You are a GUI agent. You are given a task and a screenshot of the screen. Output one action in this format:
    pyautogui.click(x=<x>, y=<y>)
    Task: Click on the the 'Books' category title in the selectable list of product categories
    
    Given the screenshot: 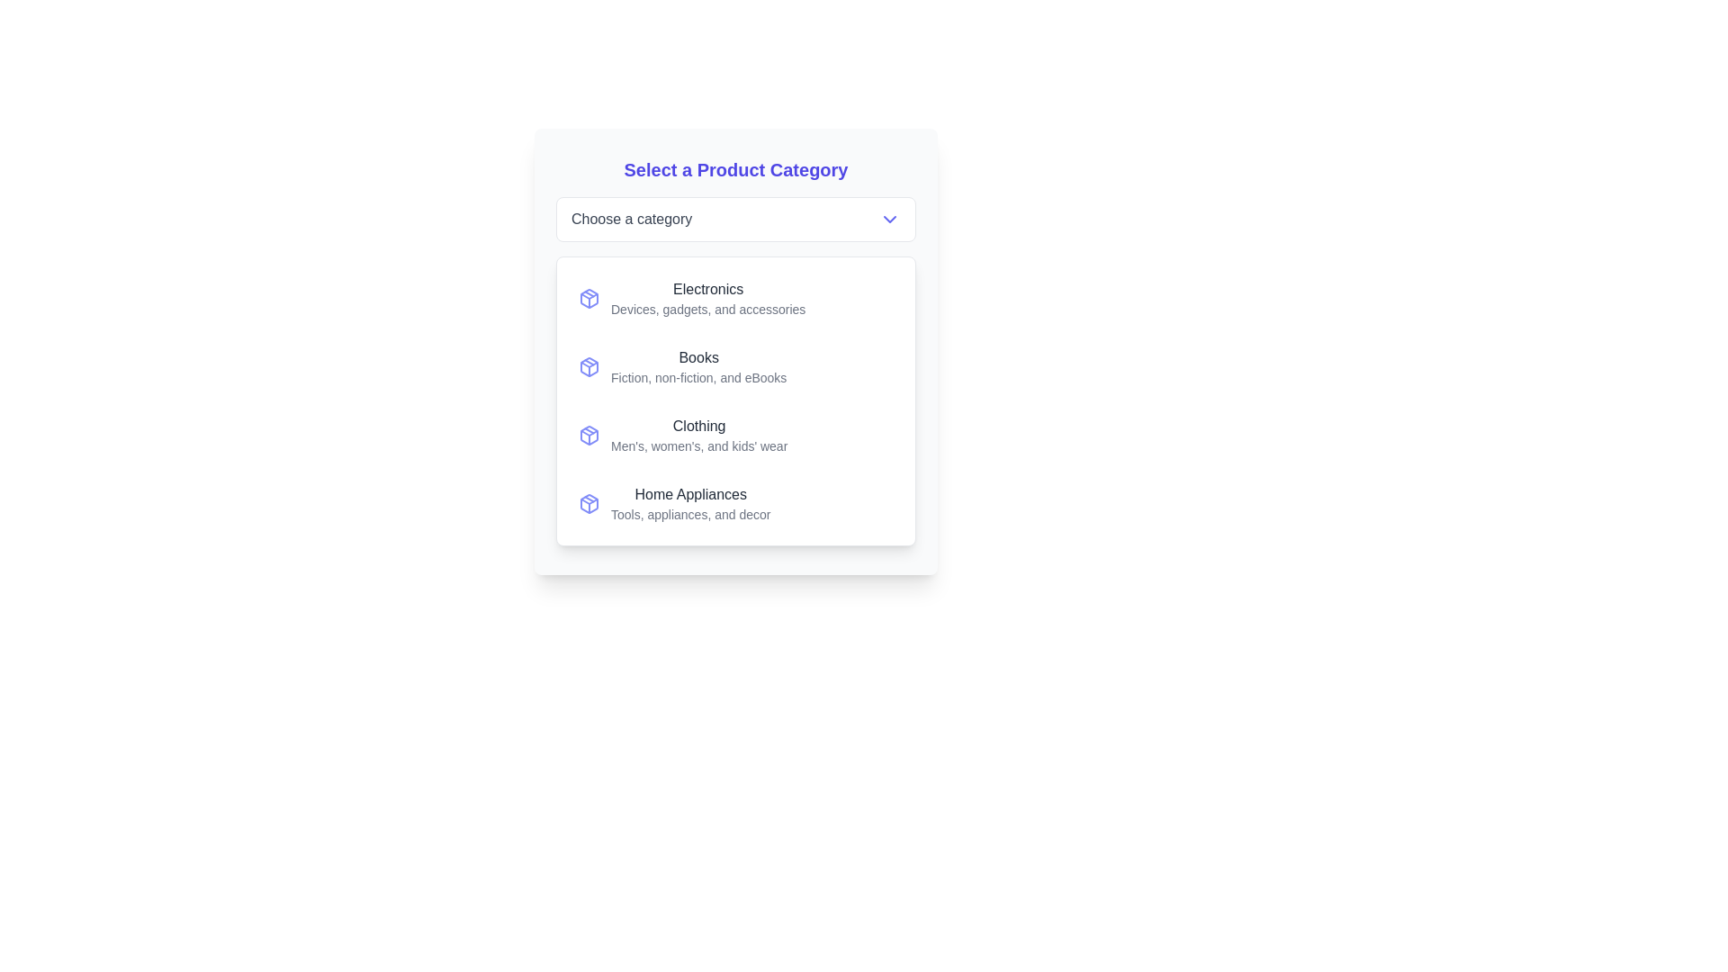 What is the action you would take?
    pyautogui.click(x=697, y=357)
    